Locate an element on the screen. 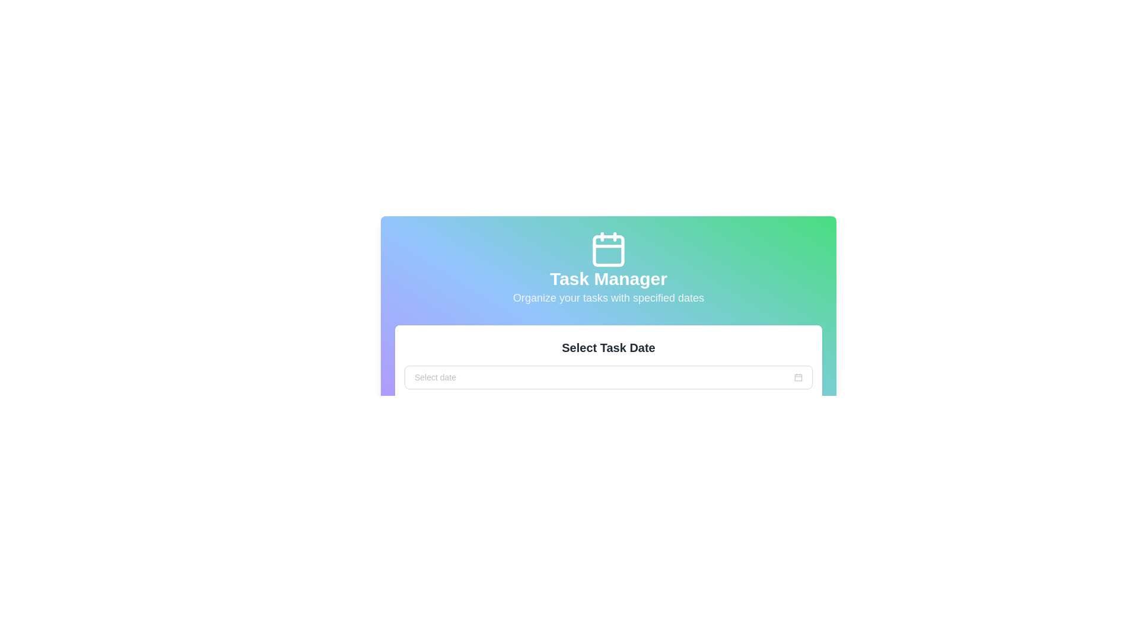 This screenshot has height=640, width=1139. the Text Label that provides additional context or information about the application's purpose, located below 'Task Manager' is located at coordinates (609, 297).